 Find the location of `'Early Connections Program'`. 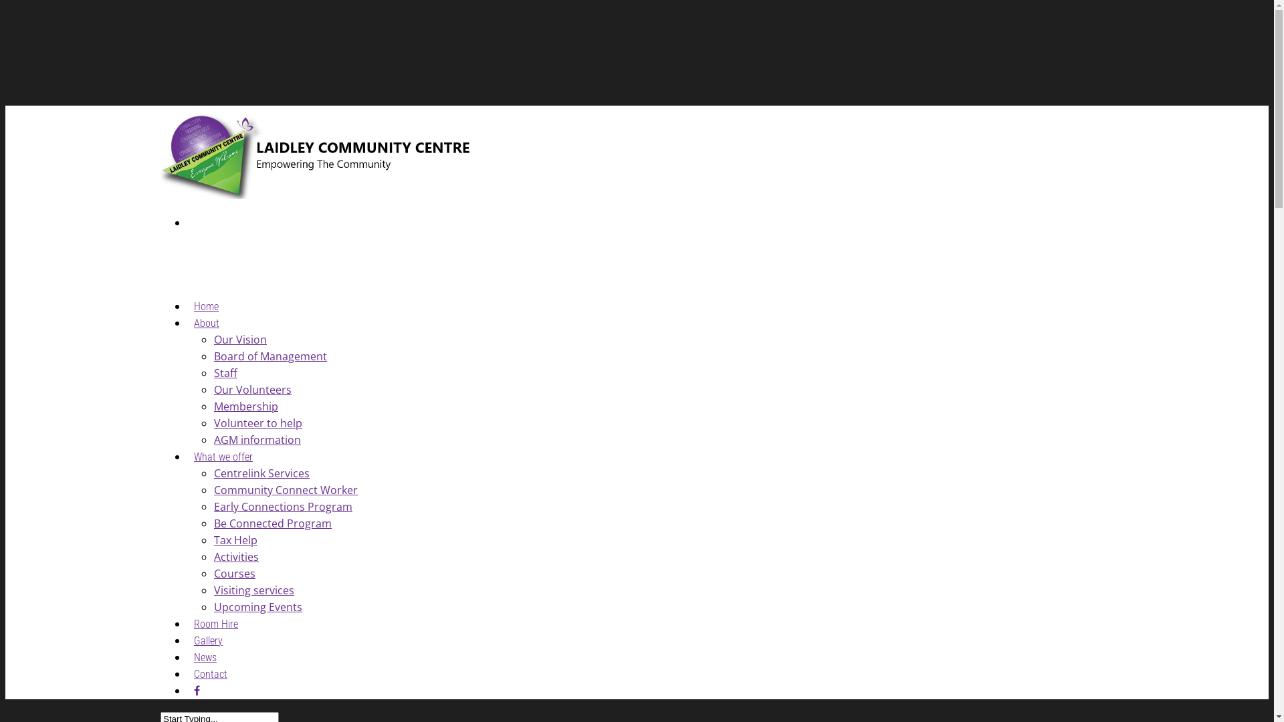

'Early Connections Program' is located at coordinates (282, 507).